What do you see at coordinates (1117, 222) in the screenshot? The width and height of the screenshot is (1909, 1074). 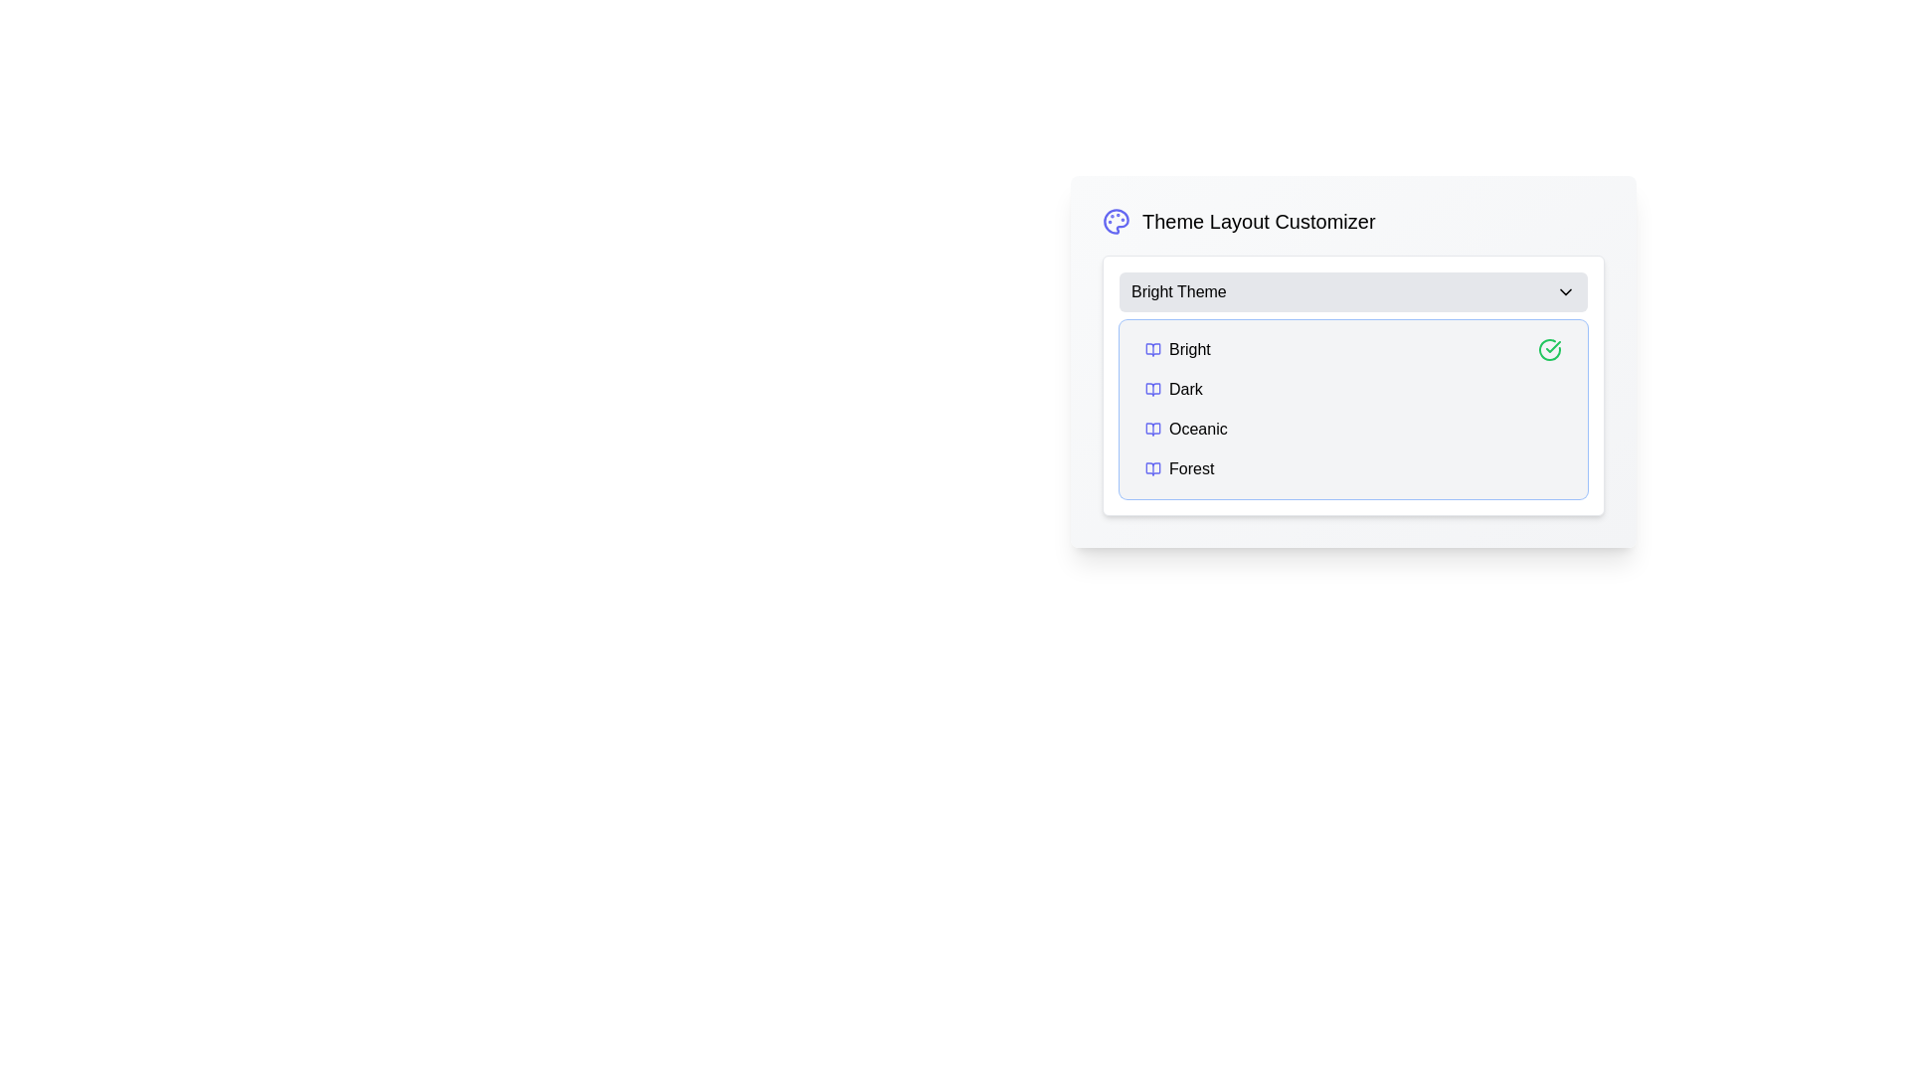 I see `the Decorative SVG Icon resembling a painter's palette located at the top-left corner of the interface near the 'Theme Layout Customizer' label` at bounding box center [1117, 222].